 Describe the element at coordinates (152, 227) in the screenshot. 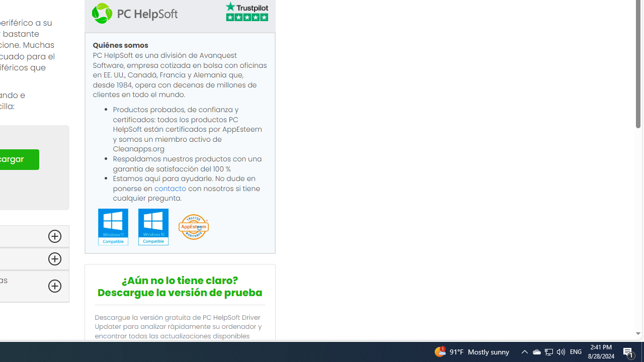

I see `'Windows 10 Compatible'` at that location.